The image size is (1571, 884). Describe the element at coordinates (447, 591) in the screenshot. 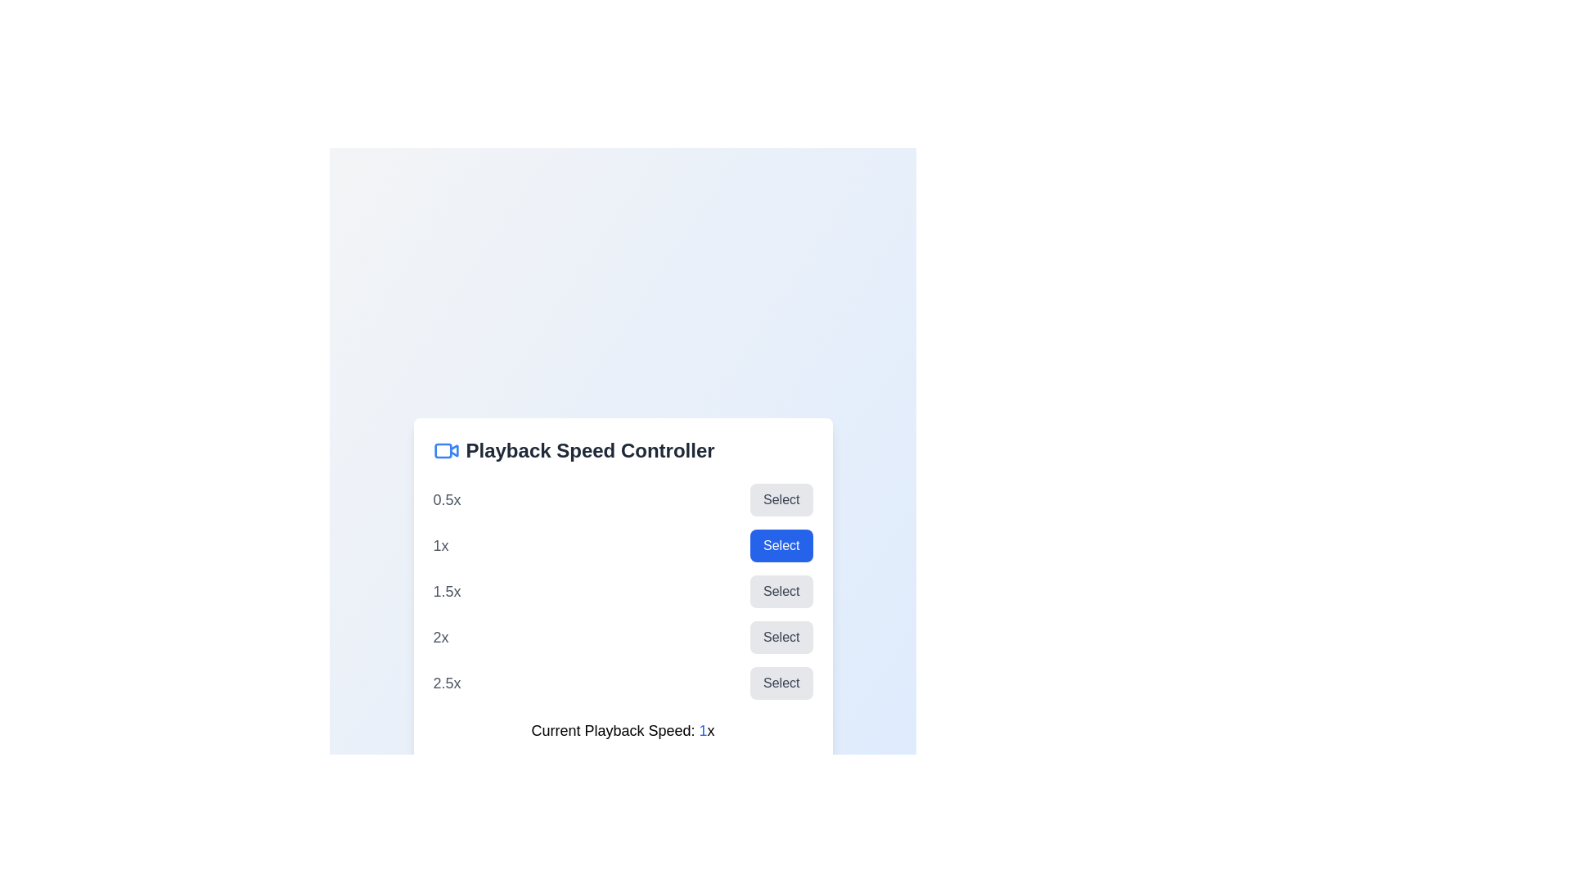

I see `the static text label indicating the playback speed option of '1.5x', which is the third item in a list of playback speeds displayed on the left side of a menu` at that location.